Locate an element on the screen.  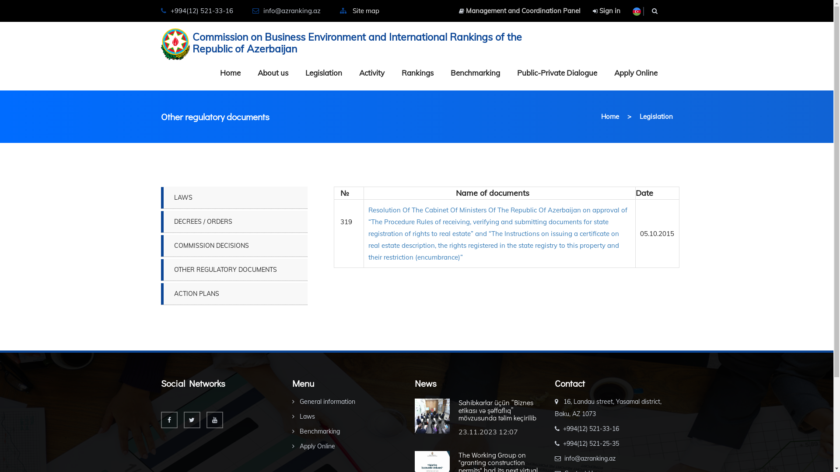
'ACTION PLANS' is located at coordinates (234, 293).